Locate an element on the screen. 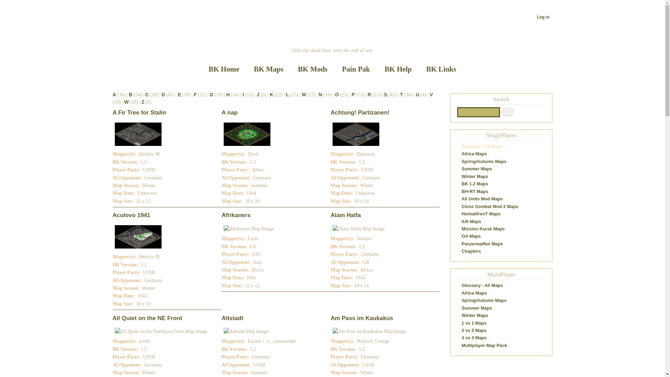 The image size is (670, 377). 'BH-RT Maps' is located at coordinates (475, 191).